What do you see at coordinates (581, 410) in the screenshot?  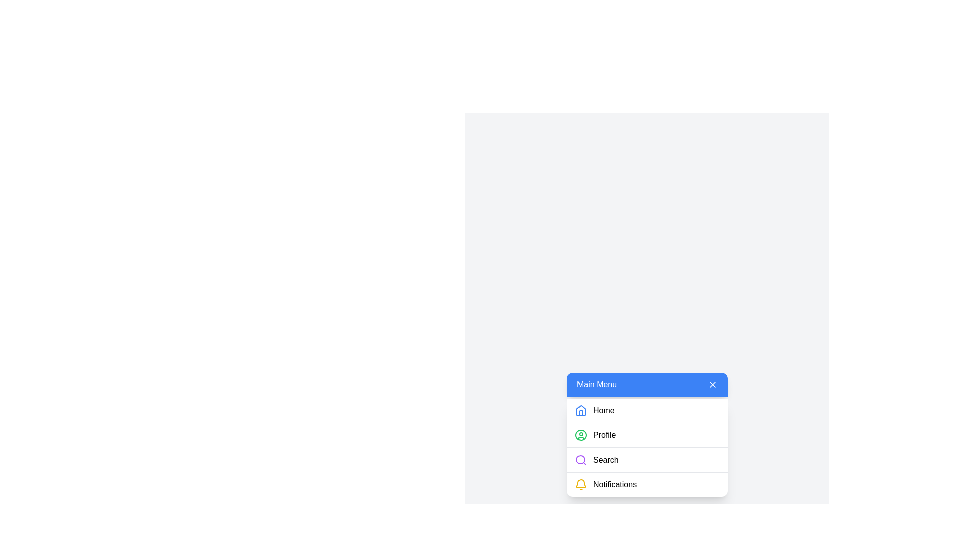 I see `the 'Home' icon in the navigation menu, which is represented by a house-shaped vector graphic preceding the text label 'Home'` at bounding box center [581, 410].